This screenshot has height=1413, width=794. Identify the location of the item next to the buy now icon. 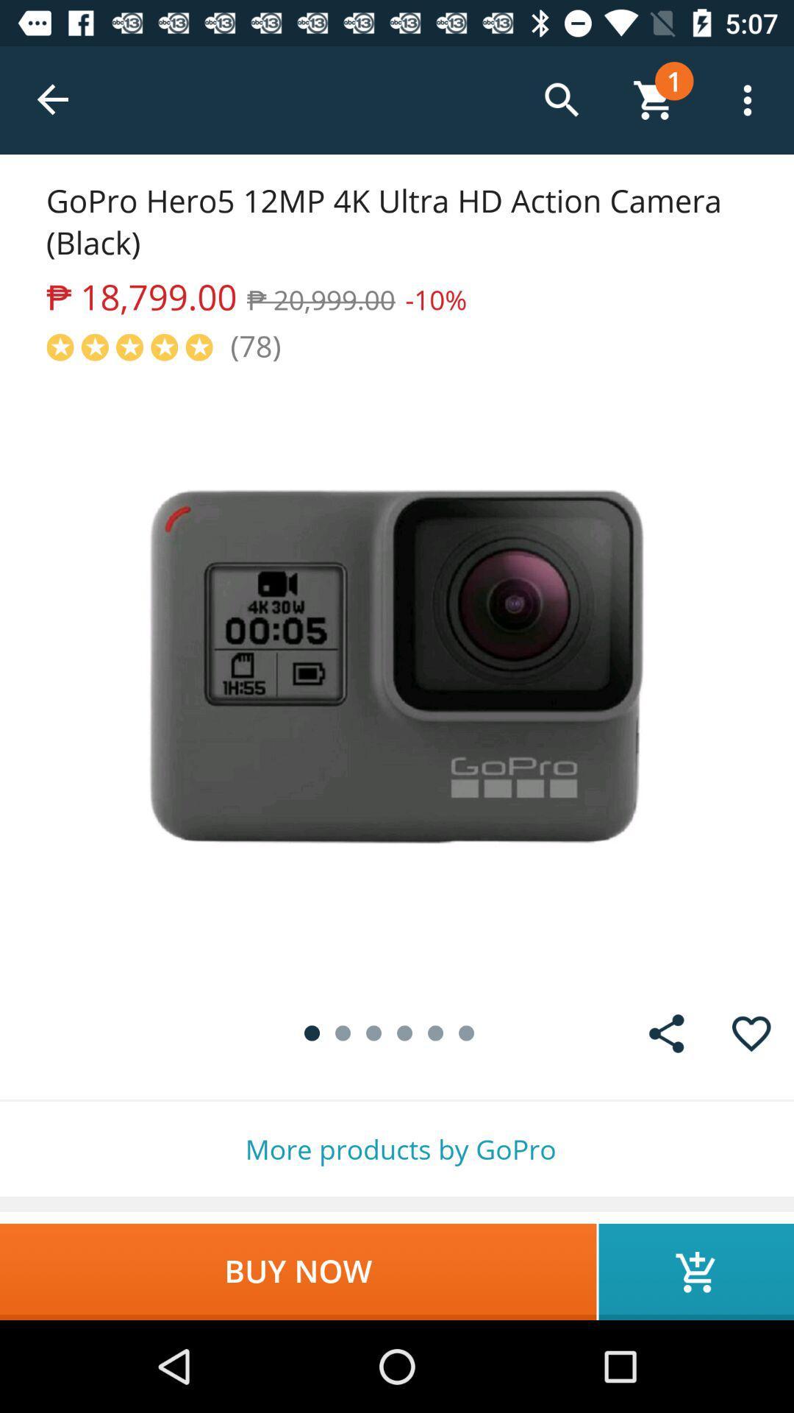
(695, 1271).